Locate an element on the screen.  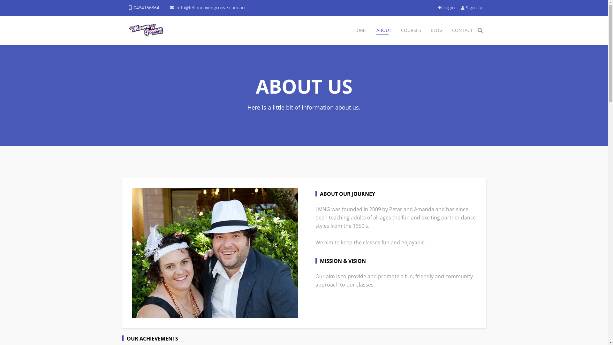
'COURSES' is located at coordinates (411, 30).